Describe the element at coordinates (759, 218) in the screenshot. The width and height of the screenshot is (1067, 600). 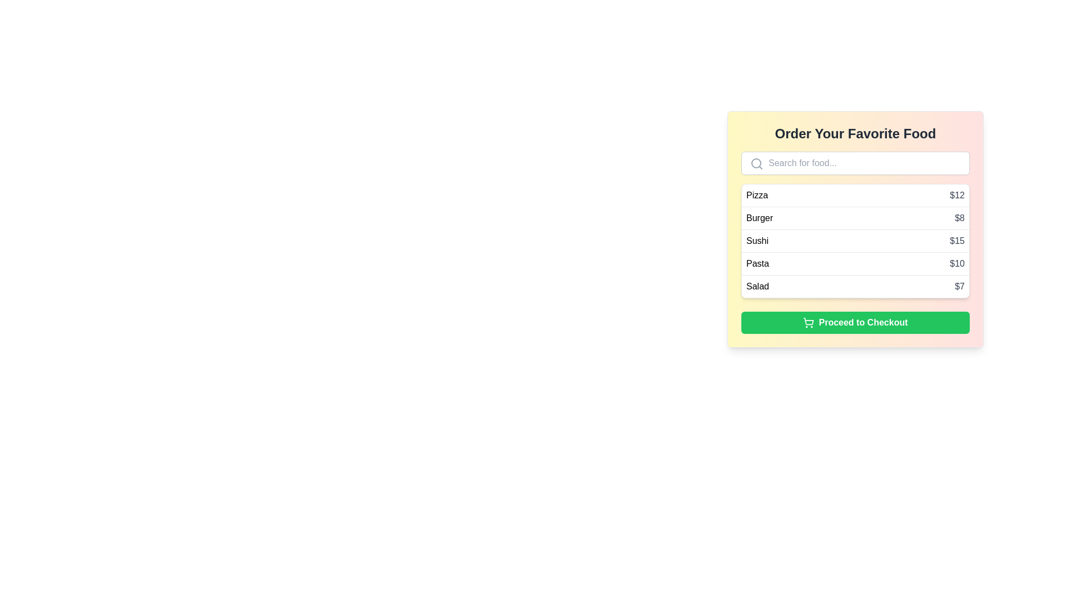
I see `the static text label that reads 'Burger', located between 'Pizza $12' and 'Sushi $15' in the menu list` at that location.